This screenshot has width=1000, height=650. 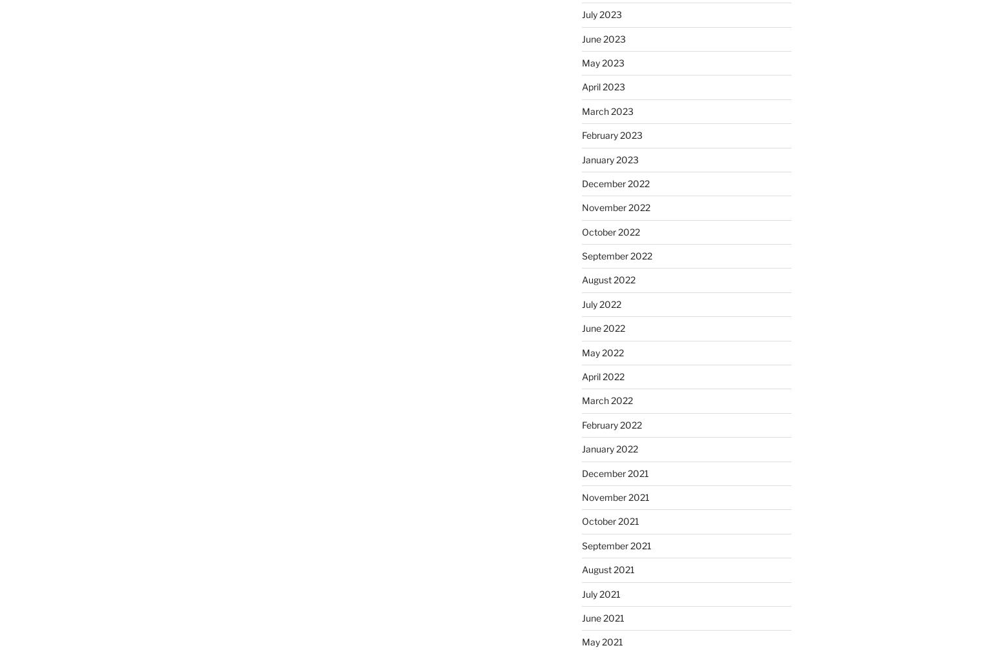 I want to click on 'September 2021', so click(x=615, y=544).